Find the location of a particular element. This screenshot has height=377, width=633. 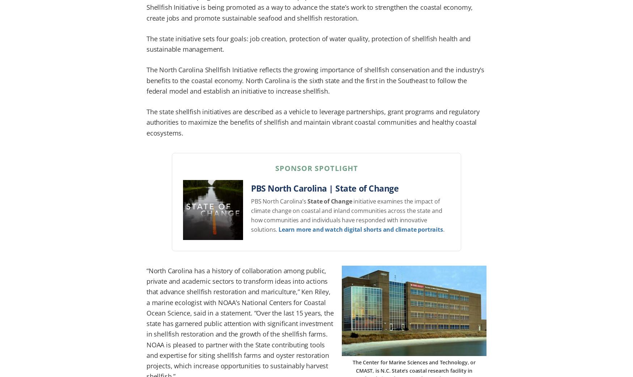

'State of Change' is located at coordinates (307, 201).